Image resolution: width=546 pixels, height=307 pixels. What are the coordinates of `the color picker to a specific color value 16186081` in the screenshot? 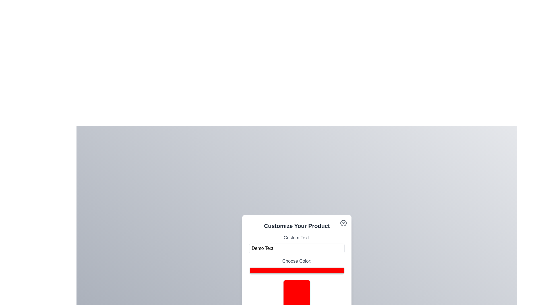 It's located at (296, 270).